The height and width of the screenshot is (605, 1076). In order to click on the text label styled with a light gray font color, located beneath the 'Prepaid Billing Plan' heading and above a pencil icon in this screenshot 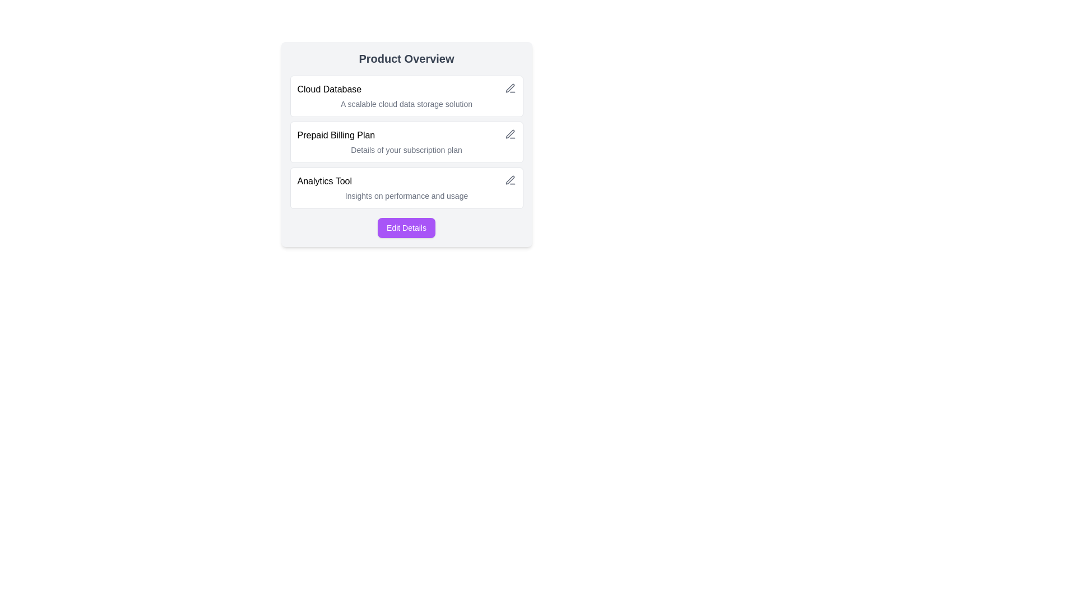, I will do `click(406, 149)`.